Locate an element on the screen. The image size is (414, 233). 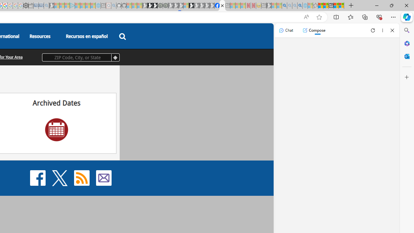
'Google Chrome Internet Browser Download - Search Images' is located at coordinates (300, 6).